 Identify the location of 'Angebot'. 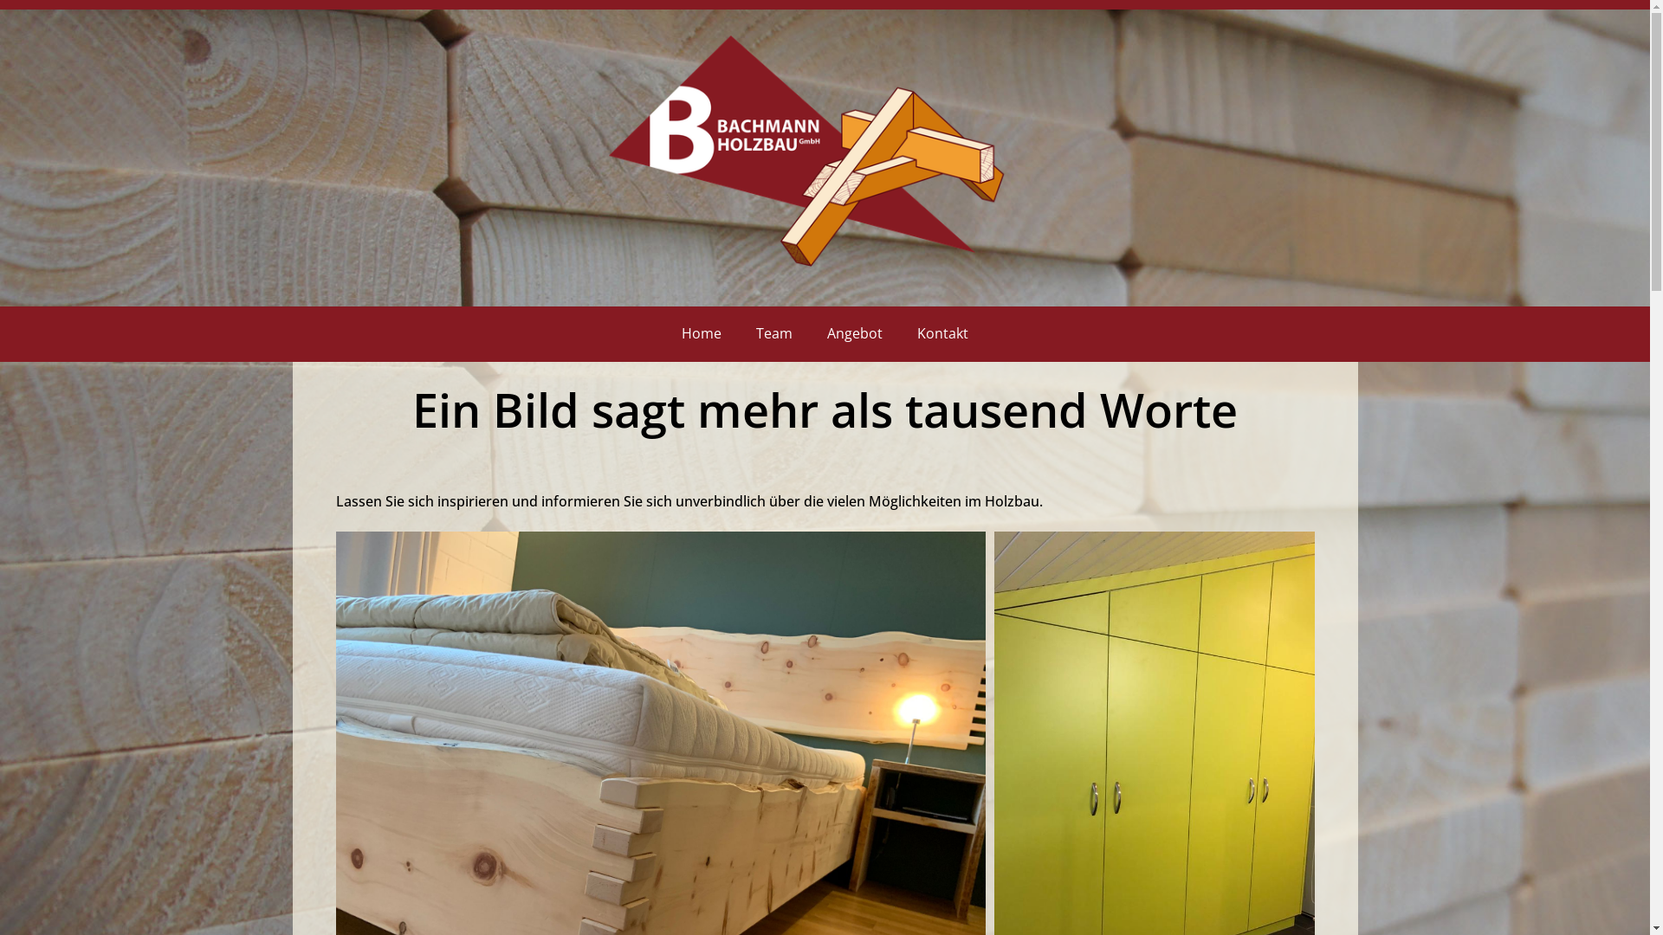
(855, 333).